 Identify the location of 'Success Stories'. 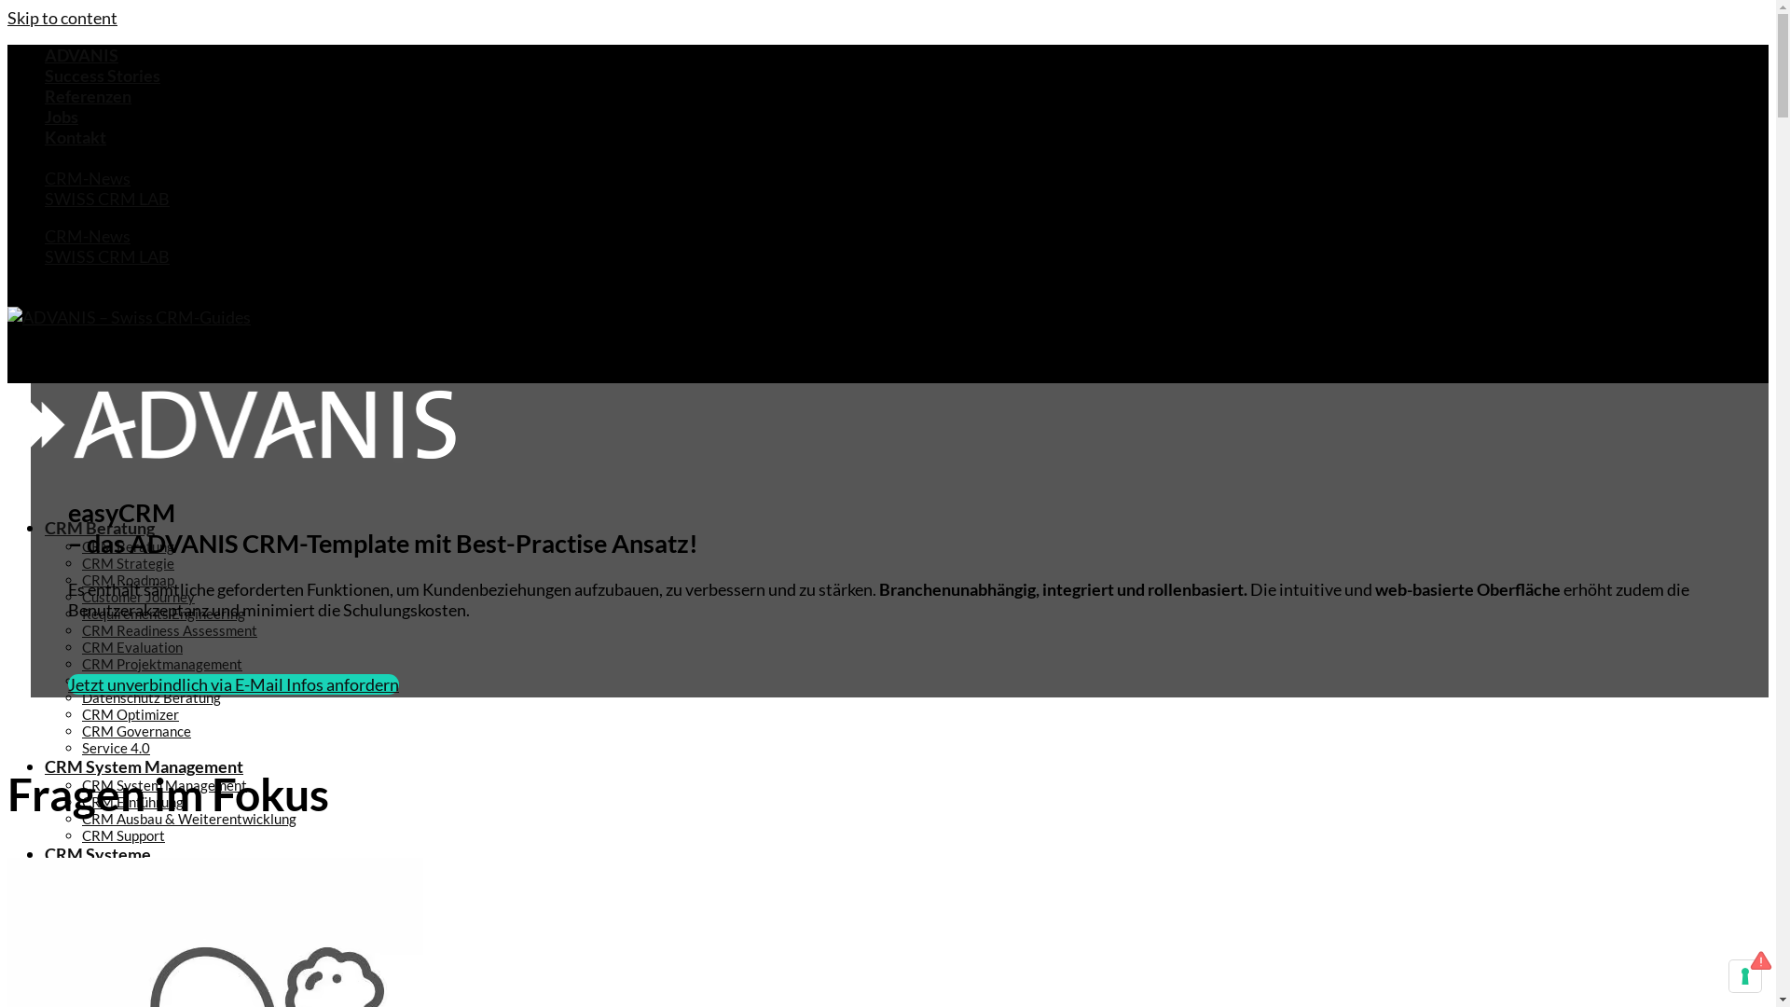
(45, 75).